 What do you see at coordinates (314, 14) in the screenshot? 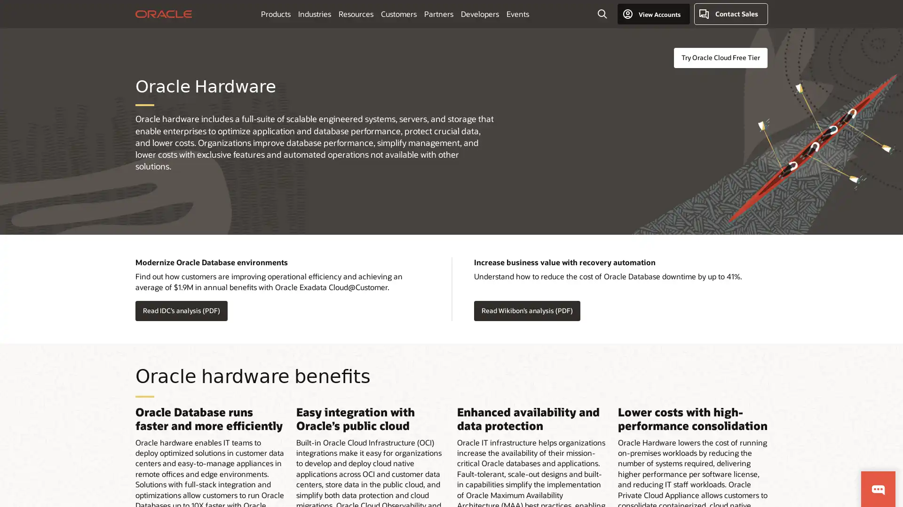
I see `Industries` at bounding box center [314, 14].